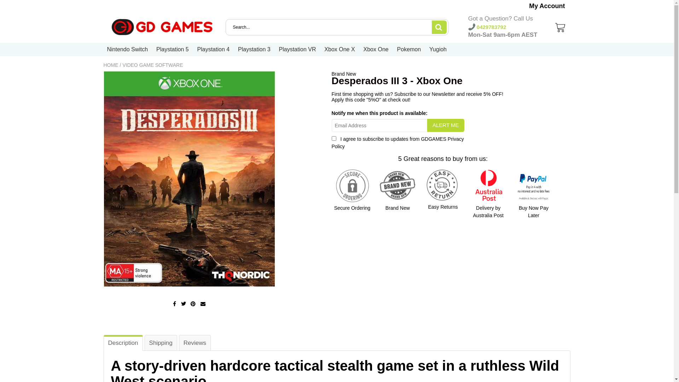  What do you see at coordinates (213, 49) in the screenshot?
I see `'Playstation 4'` at bounding box center [213, 49].